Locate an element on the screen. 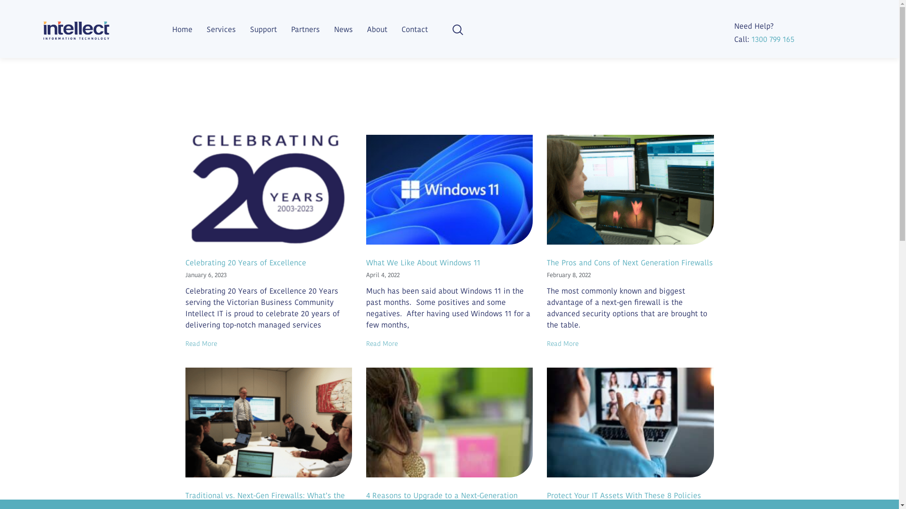 The image size is (906, 509). '1300 799 165' is located at coordinates (772, 39).